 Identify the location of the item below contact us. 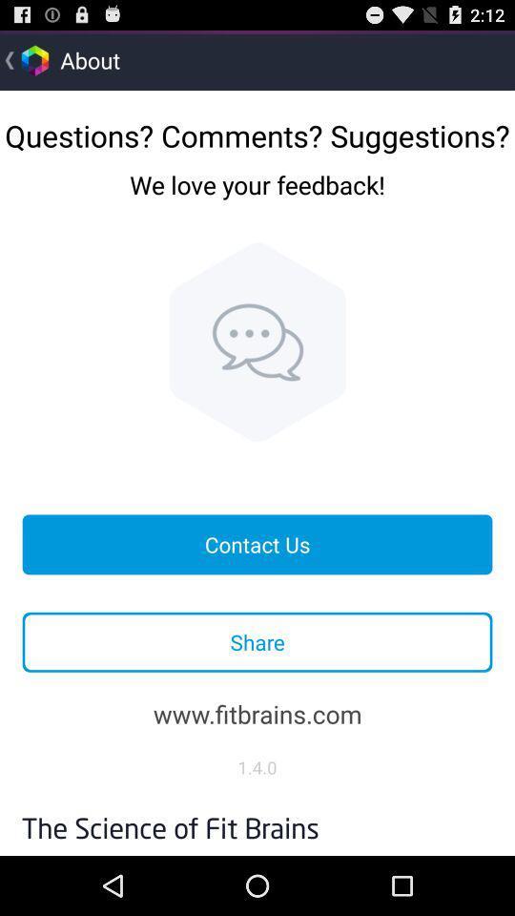
(257, 642).